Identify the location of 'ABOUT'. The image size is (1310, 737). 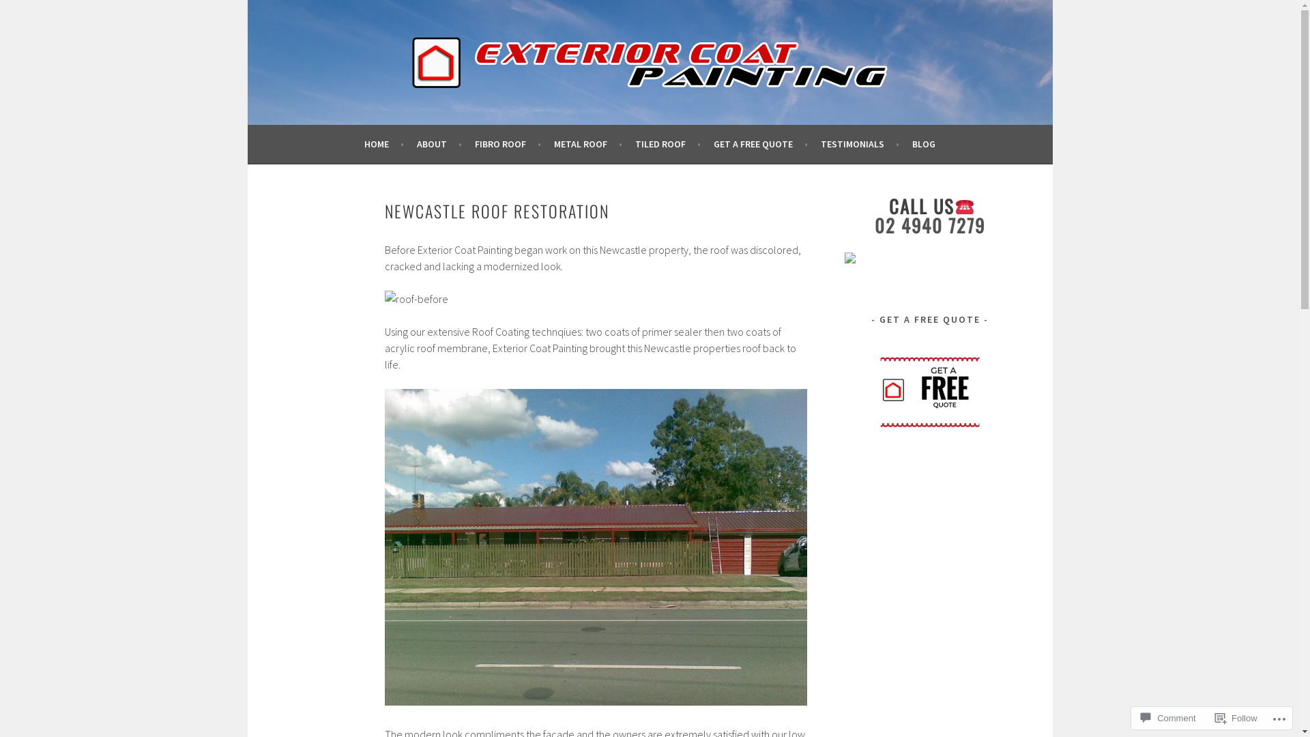
(416, 144).